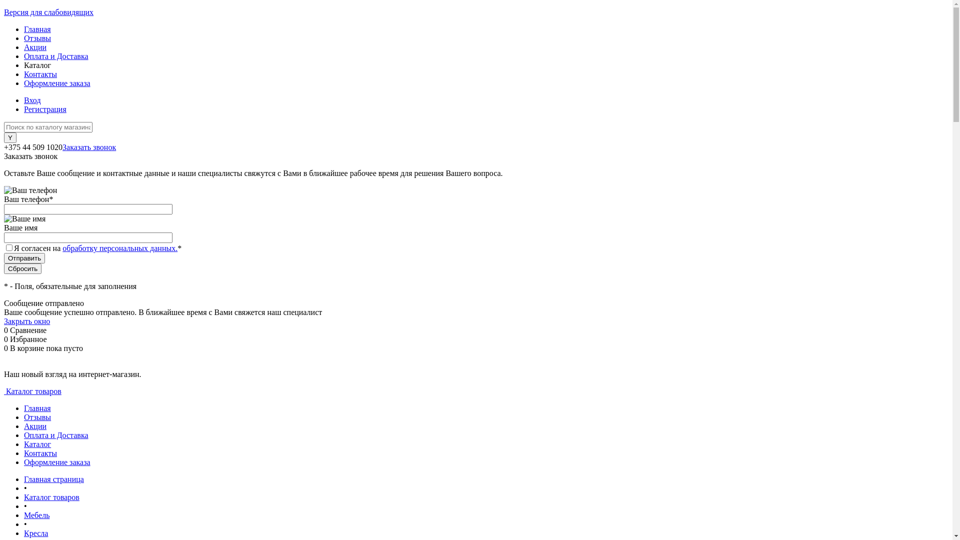 This screenshot has height=540, width=960. Describe the element at coordinates (4, 338) in the screenshot. I see `'0'` at that location.